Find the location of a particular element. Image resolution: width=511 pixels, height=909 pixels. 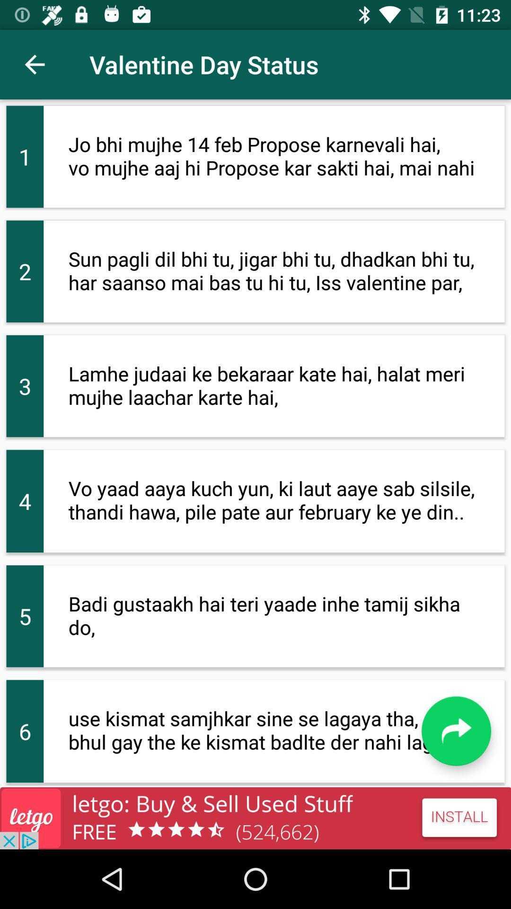

open advertisements is located at coordinates (255, 818).